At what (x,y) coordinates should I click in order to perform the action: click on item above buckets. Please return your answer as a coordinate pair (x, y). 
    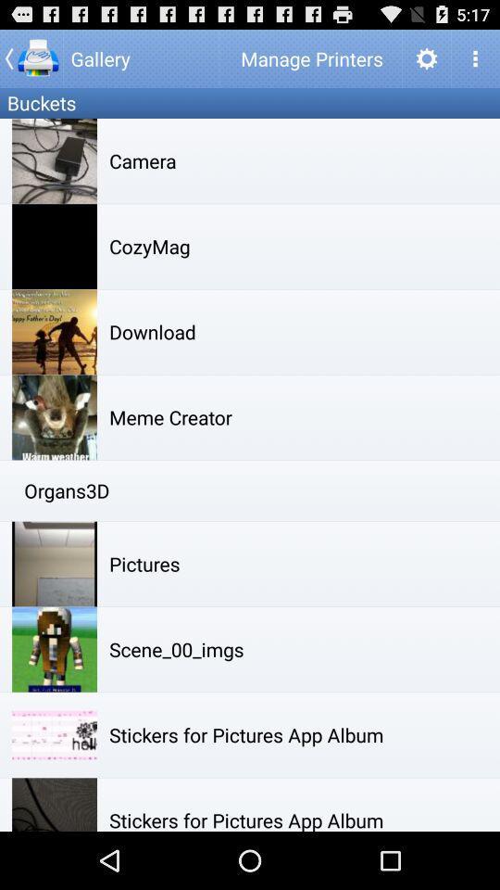
    Looking at the image, I should click on (31, 57).